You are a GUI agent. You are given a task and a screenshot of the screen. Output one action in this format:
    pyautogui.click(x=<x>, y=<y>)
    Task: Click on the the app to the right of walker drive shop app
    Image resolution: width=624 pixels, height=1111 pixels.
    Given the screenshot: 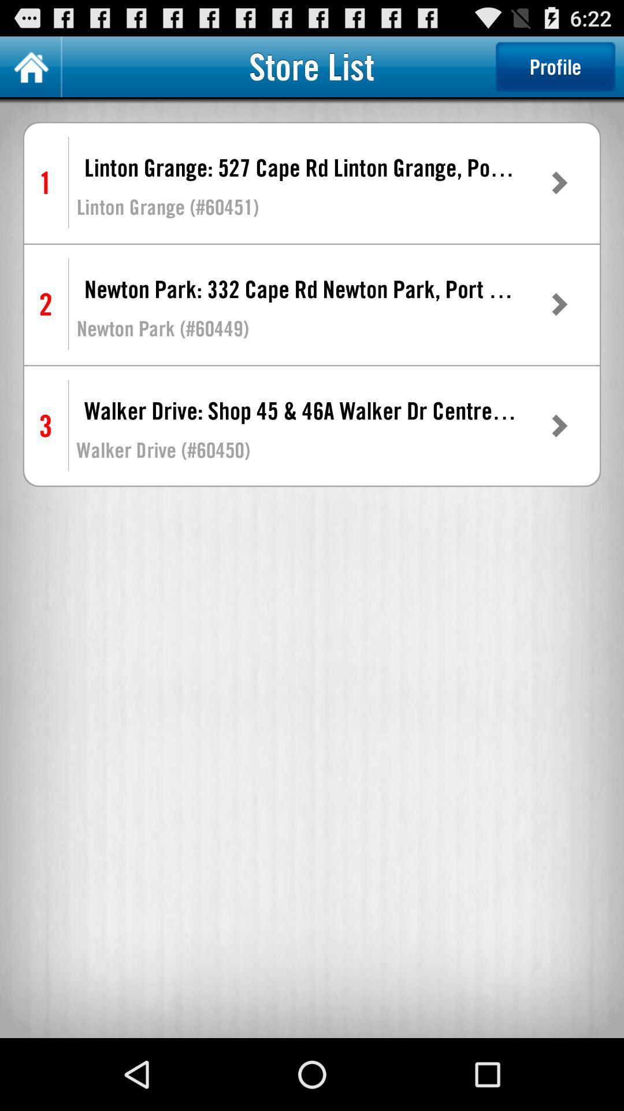 What is the action you would take?
    pyautogui.click(x=558, y=425)
    